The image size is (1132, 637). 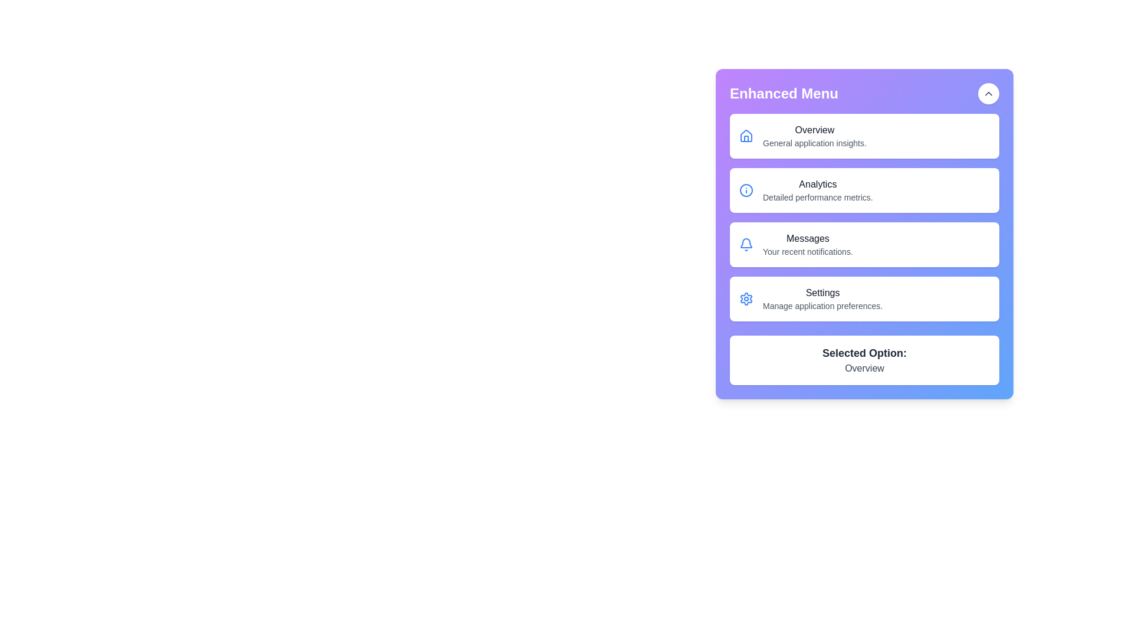 What do you see at coordinates (988, 93) in the screenshot?
I see `the circular button with a white background and upward-pointing chevron icon located at the top right corner of the 'Enhanced Menu' section to observe its styling change` at bounding box center [988, 93].